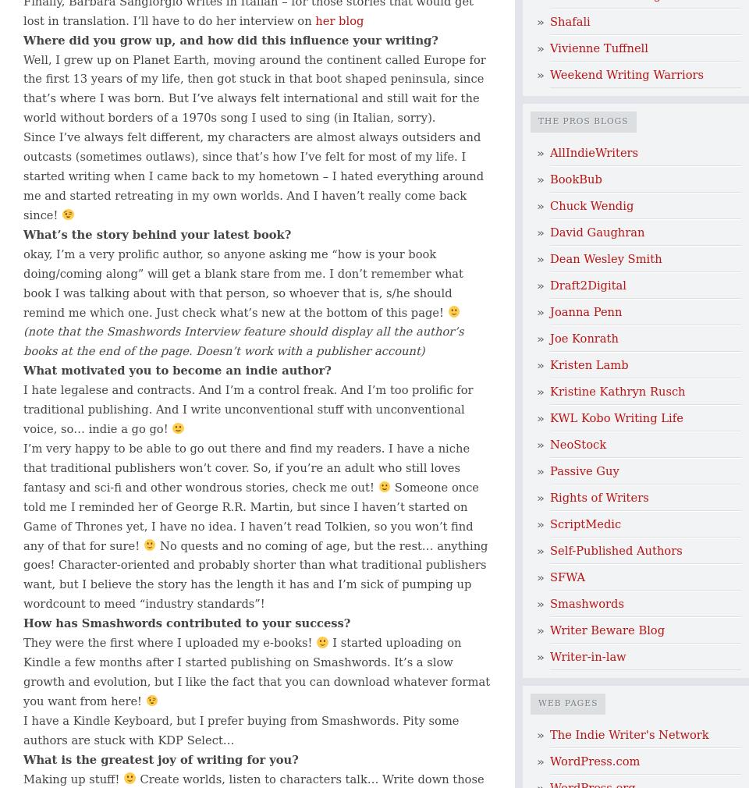 This screenshot has width=749, height=788. Describe the element at coordinates (255, 573) in the screenshot. I see `'No quests and no coming of age, but the rest… anything goes! Character-oriented and probably shorter than what traditional publishers want, but I believe the story has the length it has and I’m sick of pumping up wordcount to meed “industry standards”!'` at that location.